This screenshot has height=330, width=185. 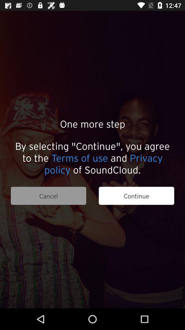 What do you see at coordinates (48, 196) in the screenshot?
I see `the item below by selecting continue icon` at bounding box center [48, 196].